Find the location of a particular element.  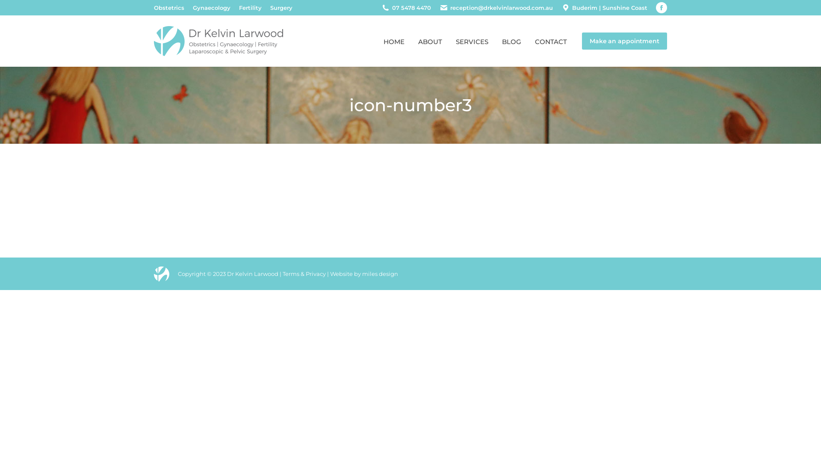

'CONTACT' is located at coordinates (551, 41).